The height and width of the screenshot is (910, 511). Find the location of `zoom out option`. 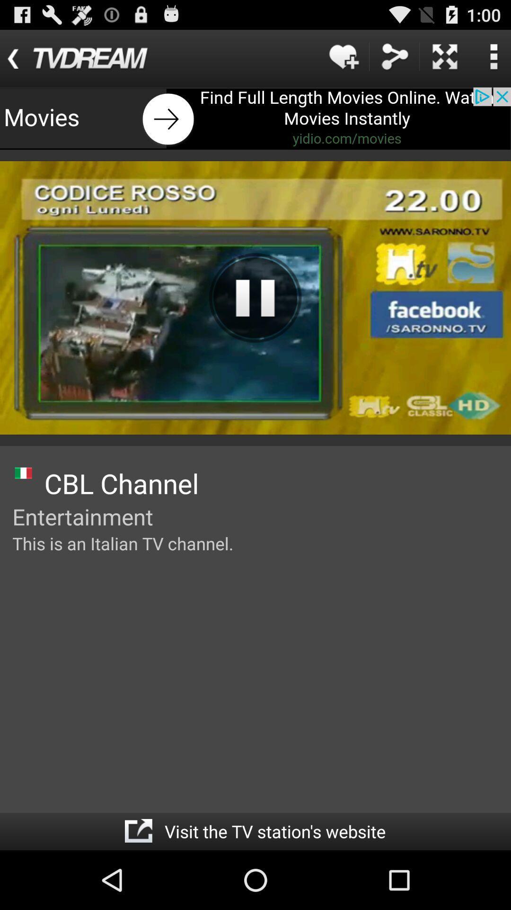

zoom out option is located at coordinates (445, 56).